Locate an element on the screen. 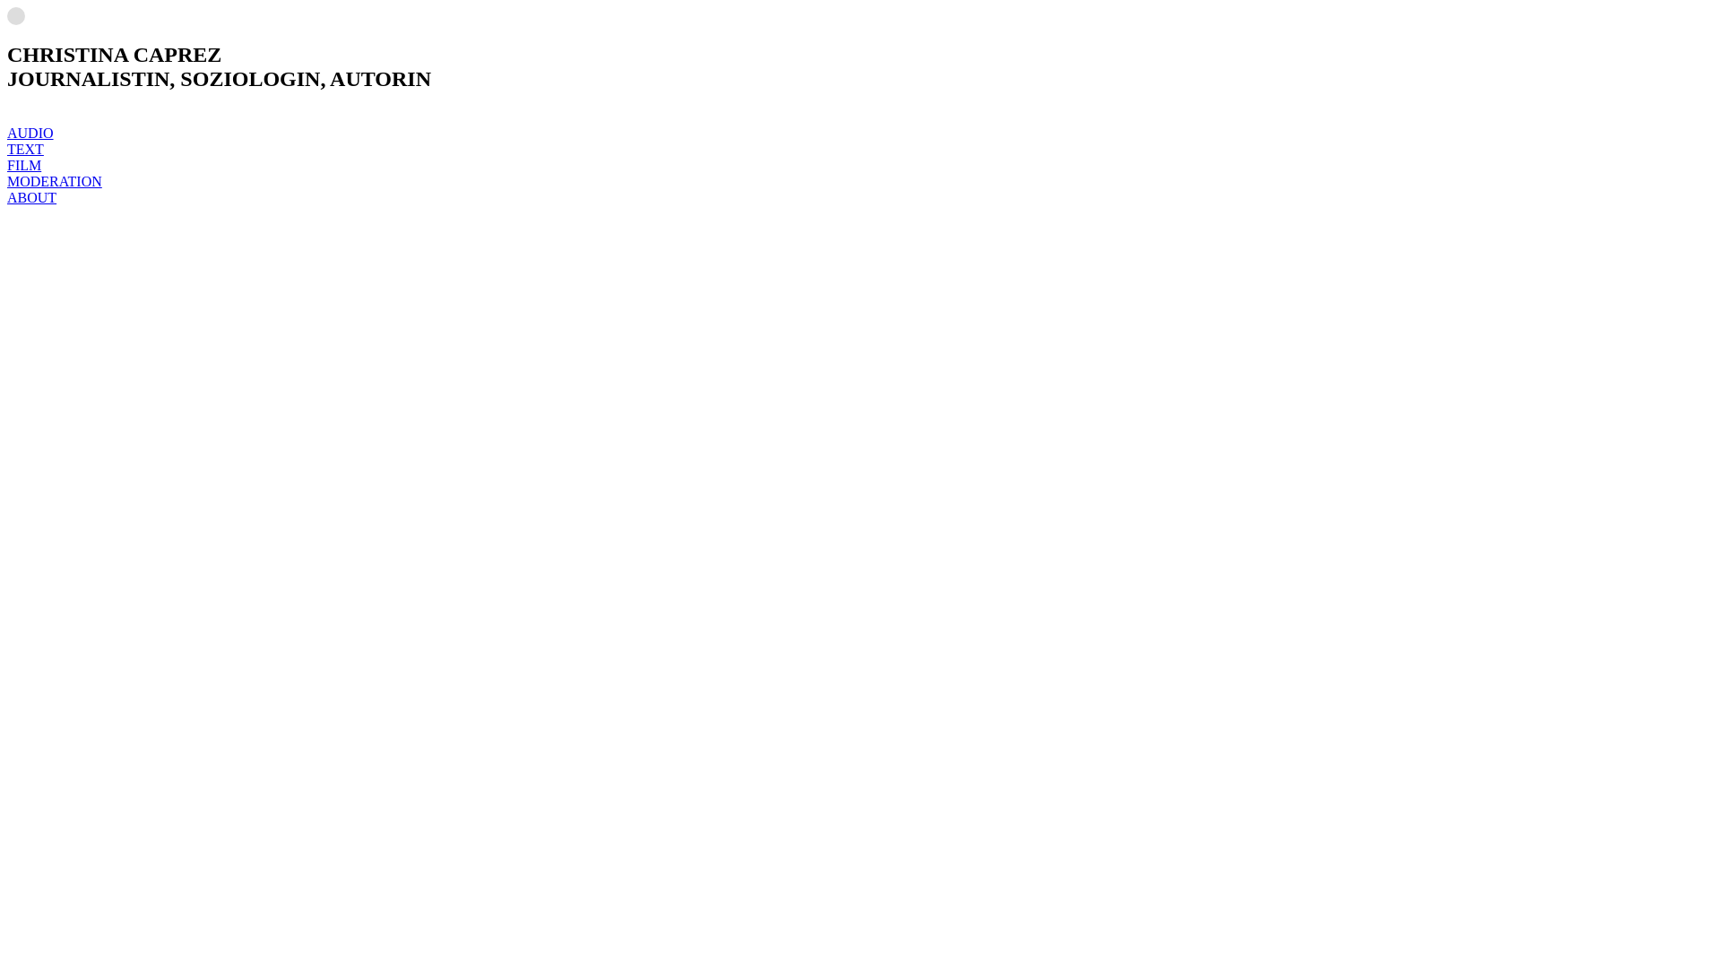 This screenshot has width=1721, height=968. 'FILM' is located at coordinates (24, 165).